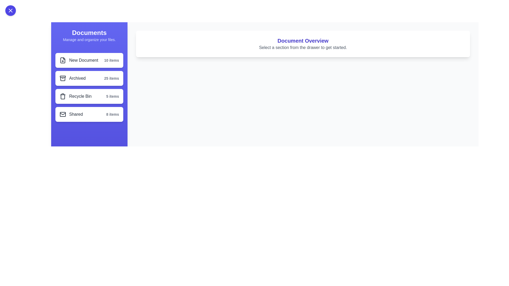 The image size is (509, 286). What do you see at coordinates (89, 114) in the screenshot?
I see `the section labeled Shared in the drawer` at bounding box center [89, 114].